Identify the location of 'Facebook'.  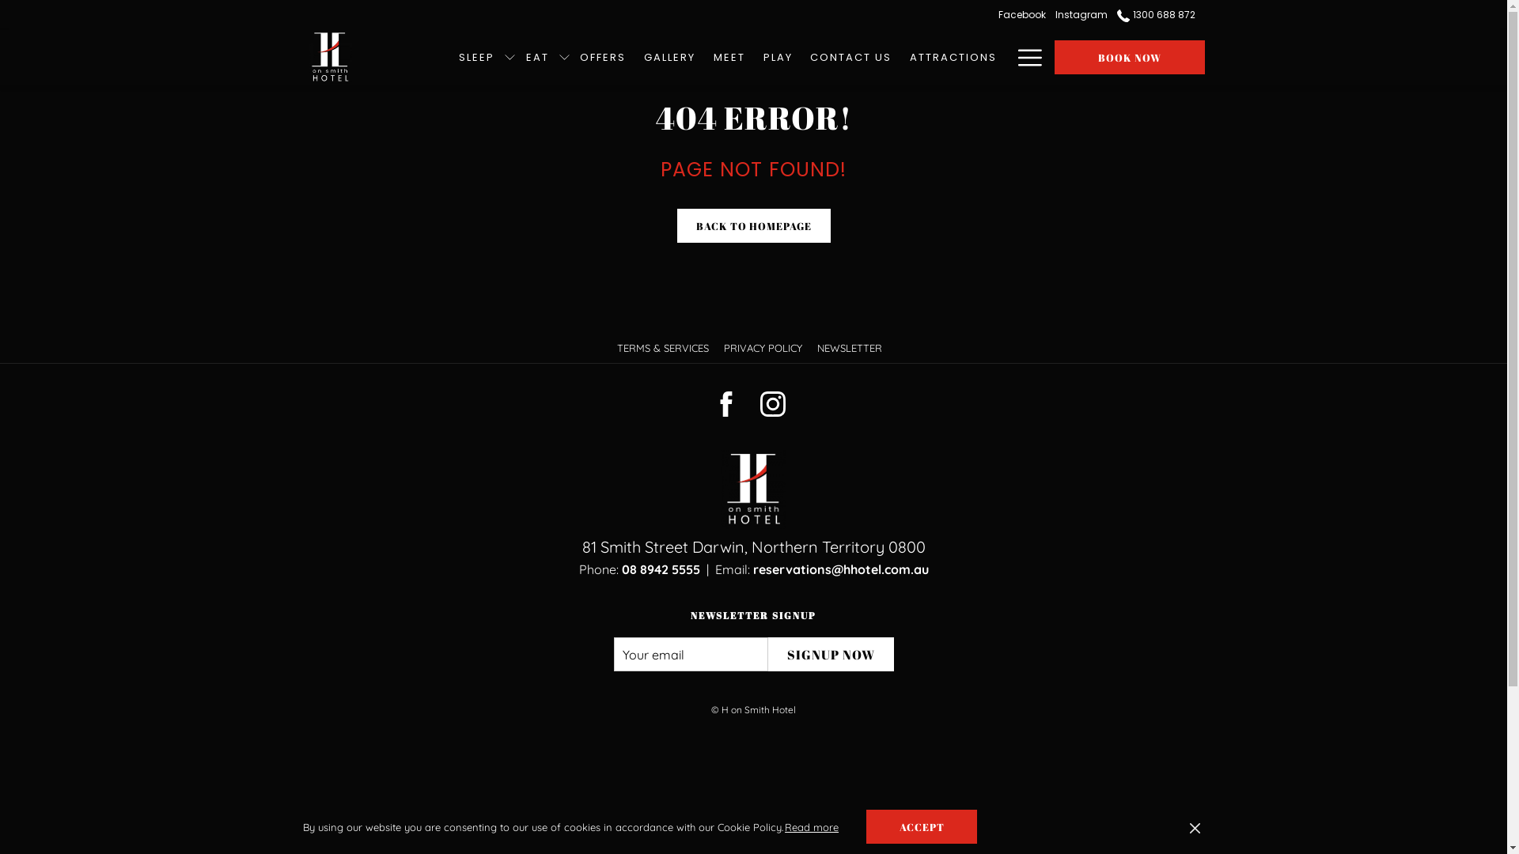
(1028, 14).